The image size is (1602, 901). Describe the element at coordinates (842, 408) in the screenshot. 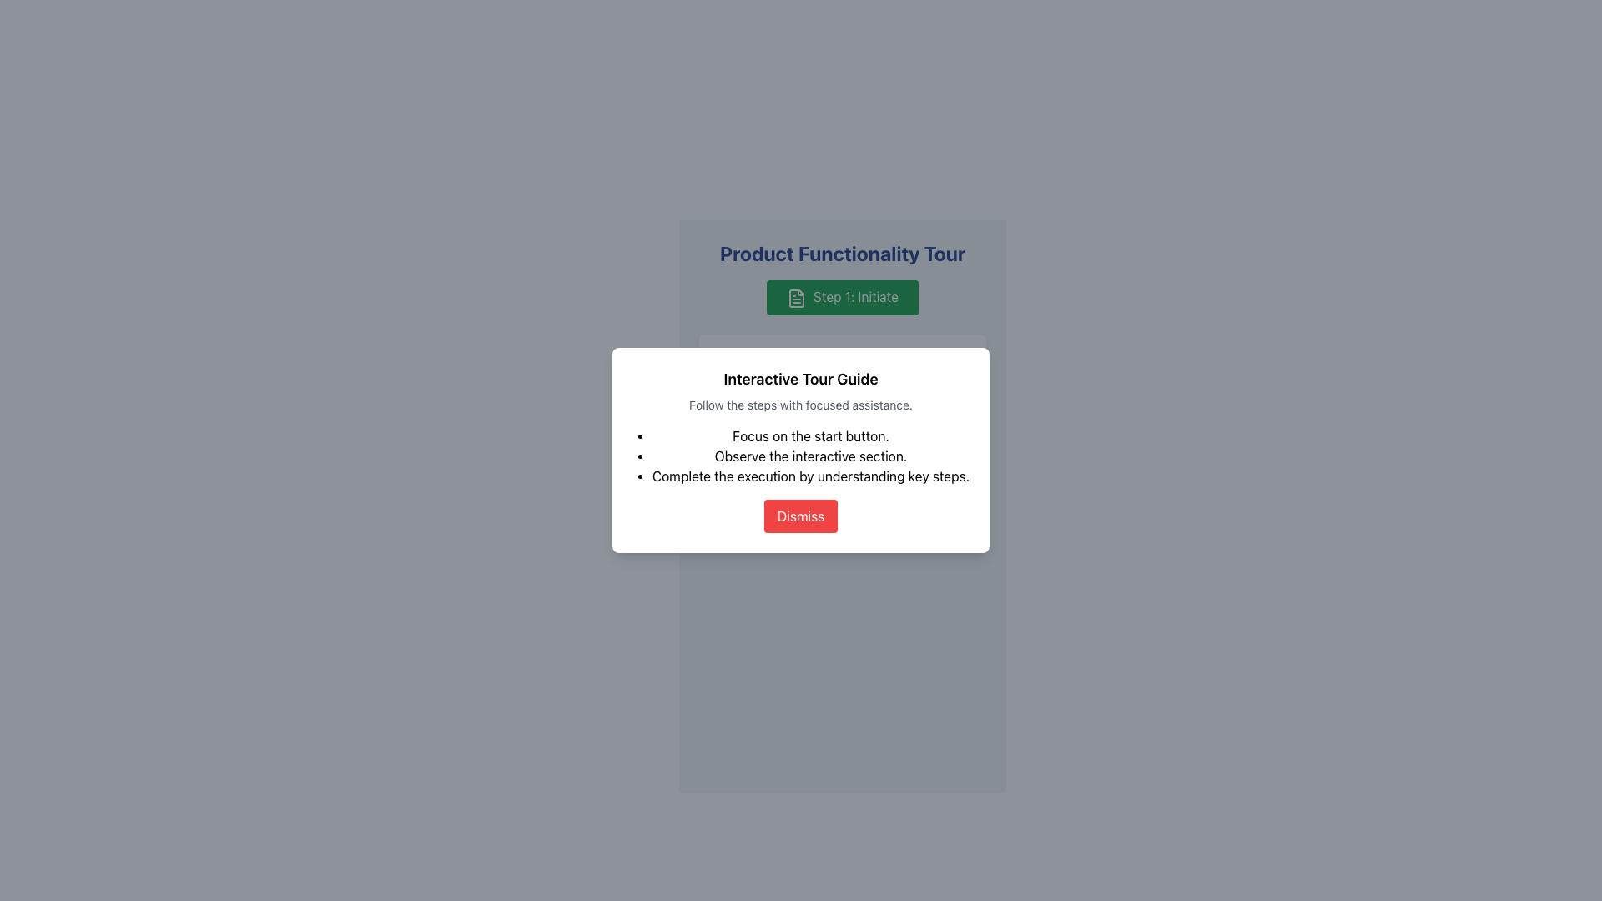

I see `the centered text component that reads 'Follow the steps with focused assistance.' located beneath the 'Interactive Tour Guide' heading` at that location.